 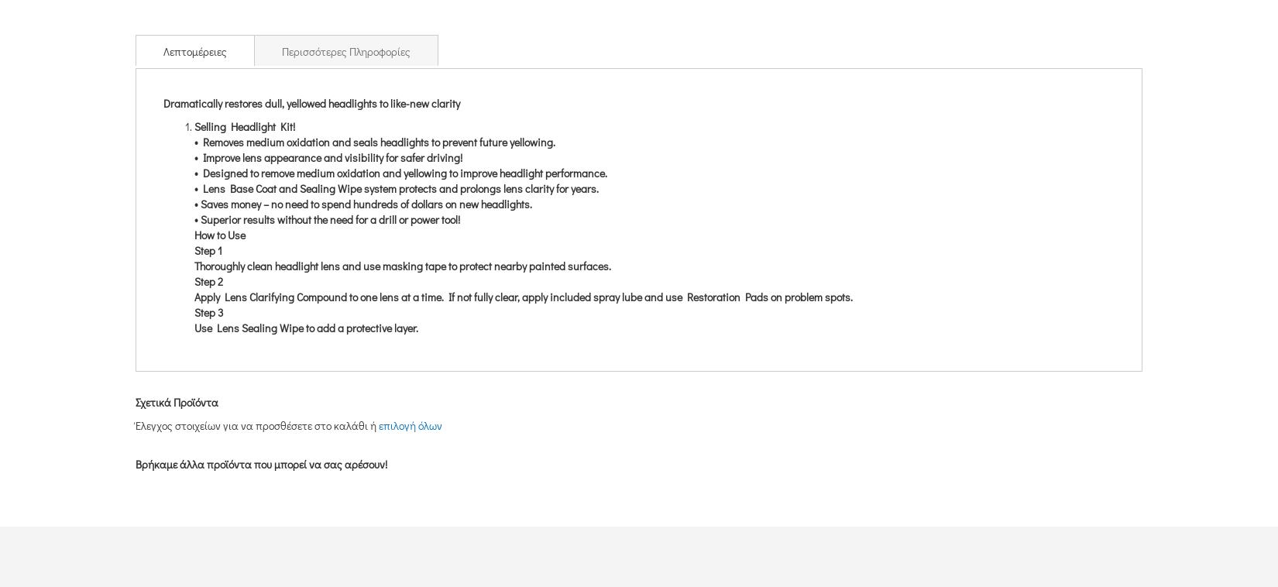 I want to click on 'Step 3', so click(x=208, y=311).